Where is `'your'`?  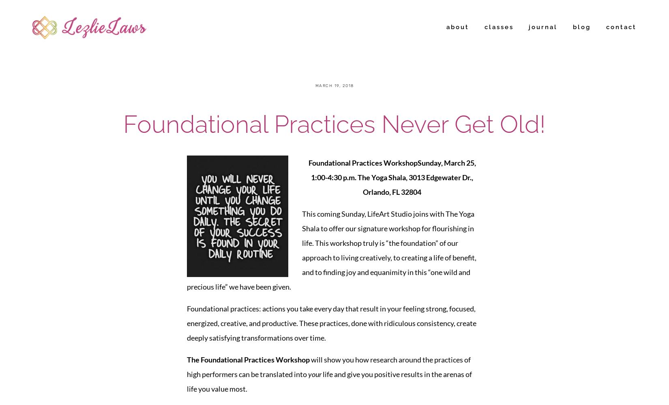
'your' is located at coordinates (314, 374).